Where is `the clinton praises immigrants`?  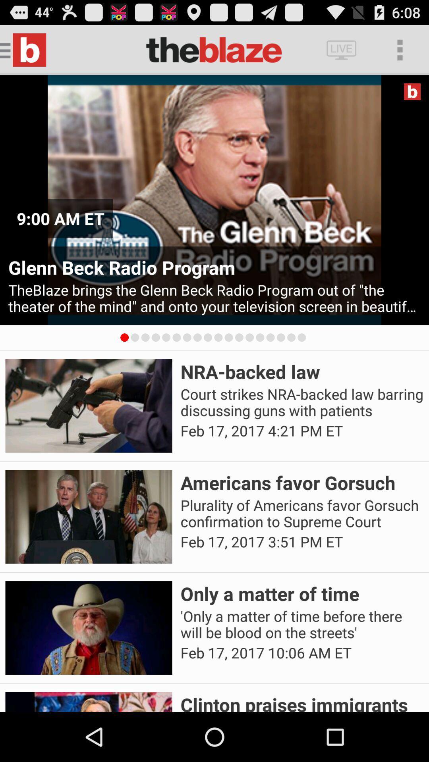 the clinton praises immigrants is located at coordinates (302, 702).